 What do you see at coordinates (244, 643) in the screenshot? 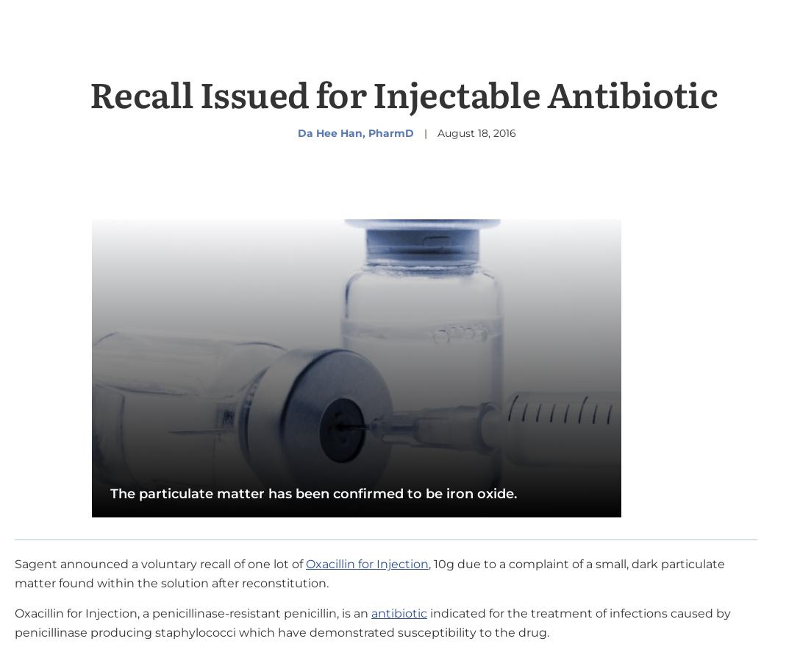
I see `'CONNECT'` at bounding box center [244, 643].